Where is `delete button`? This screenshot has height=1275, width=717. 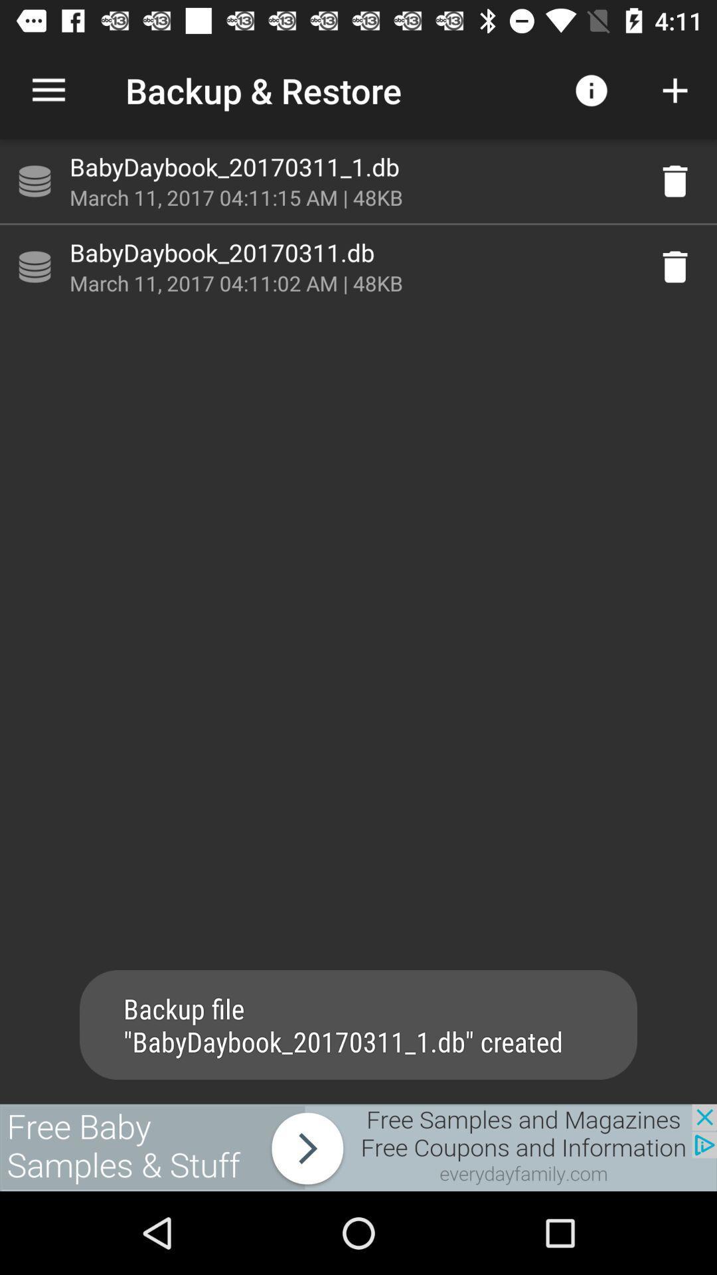
delete button is located at coordinates (675, 266).